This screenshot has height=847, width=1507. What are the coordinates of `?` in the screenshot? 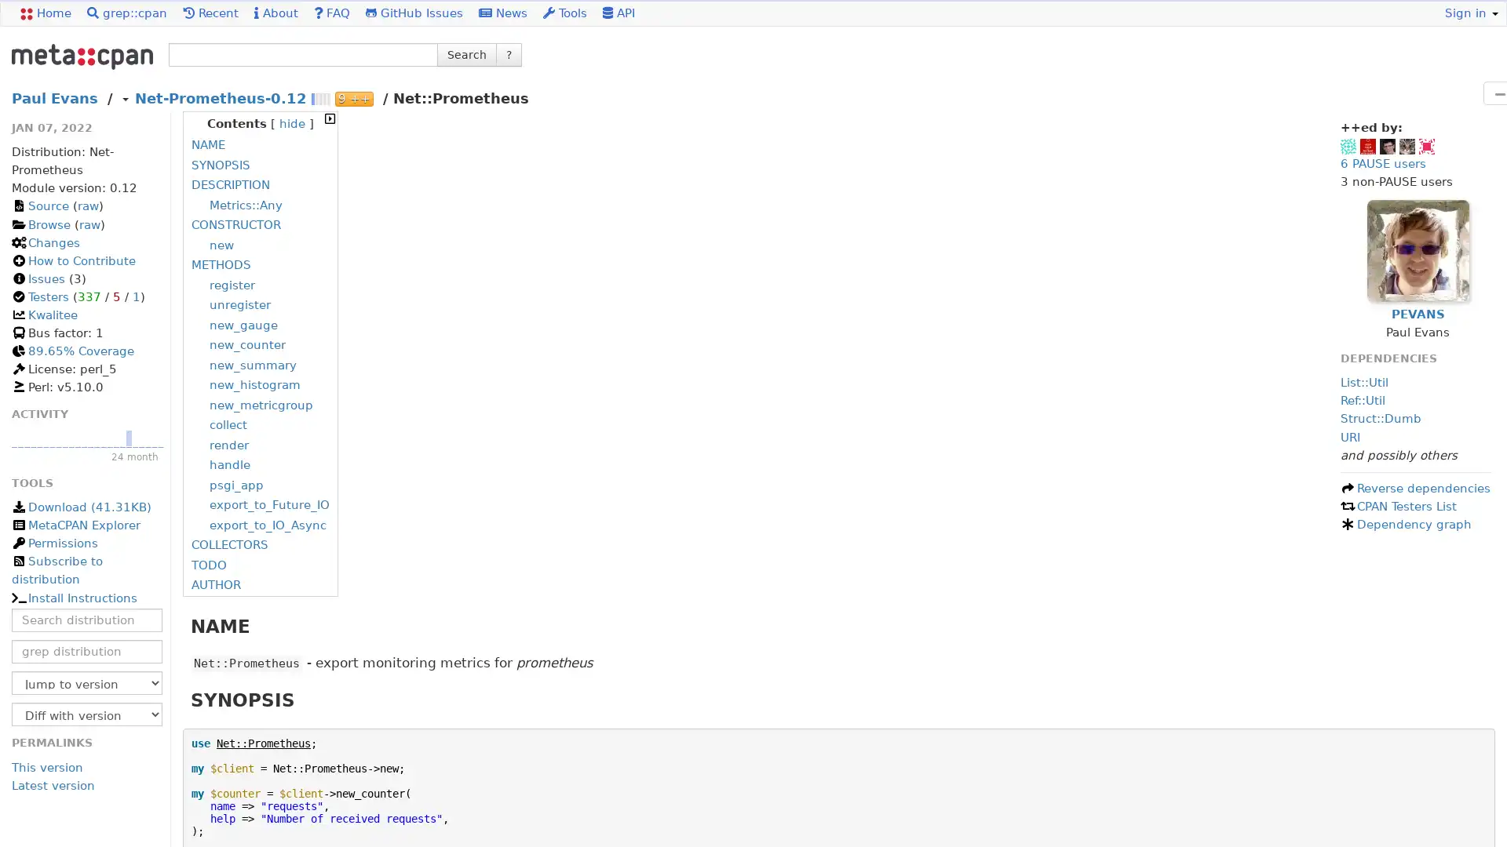 It's located at (509, 53).